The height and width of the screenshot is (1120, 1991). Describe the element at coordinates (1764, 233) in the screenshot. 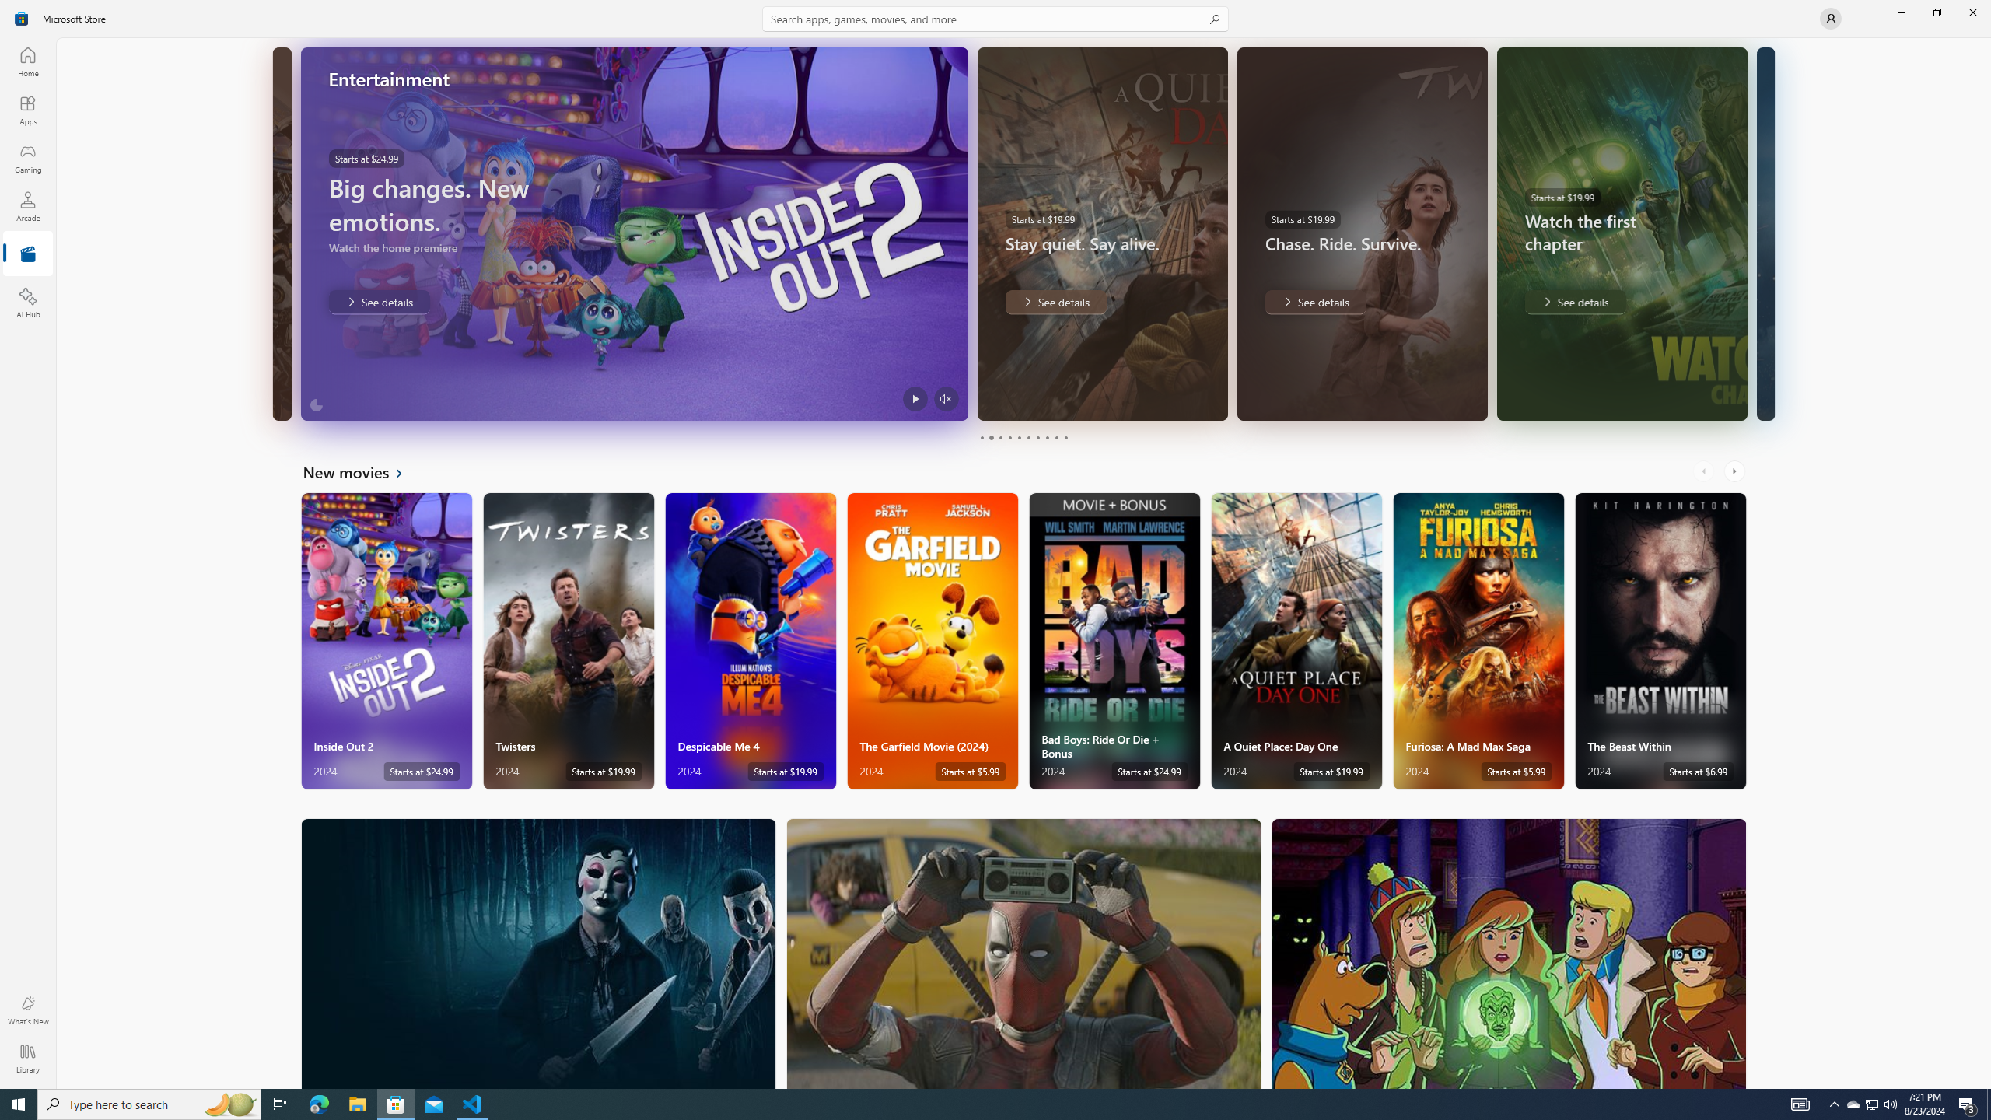

I see `'AutomationID: Image'` at that location.